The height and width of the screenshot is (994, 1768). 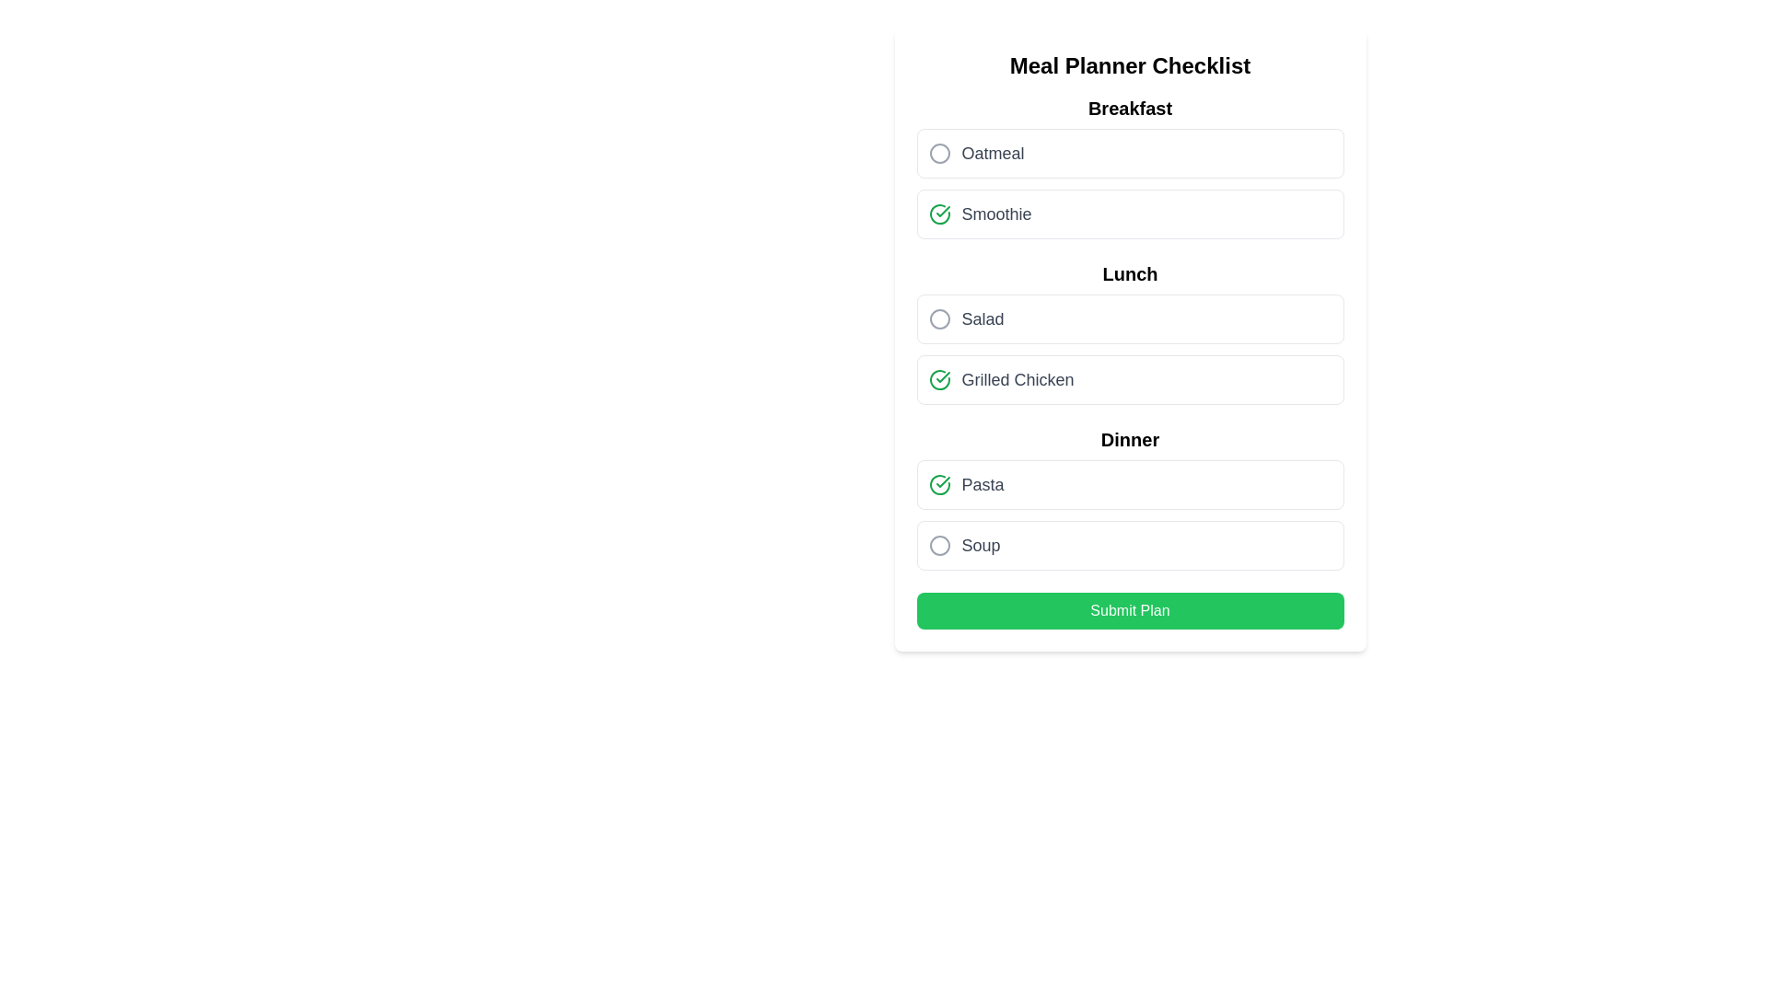 What do you see at coordinates (939, 484) in the screenshot?
I see `the icon indicating the checked state for 'Pasta' in the Dinner section of the Meal Planner Checklist` at bounding box center [939, 484].